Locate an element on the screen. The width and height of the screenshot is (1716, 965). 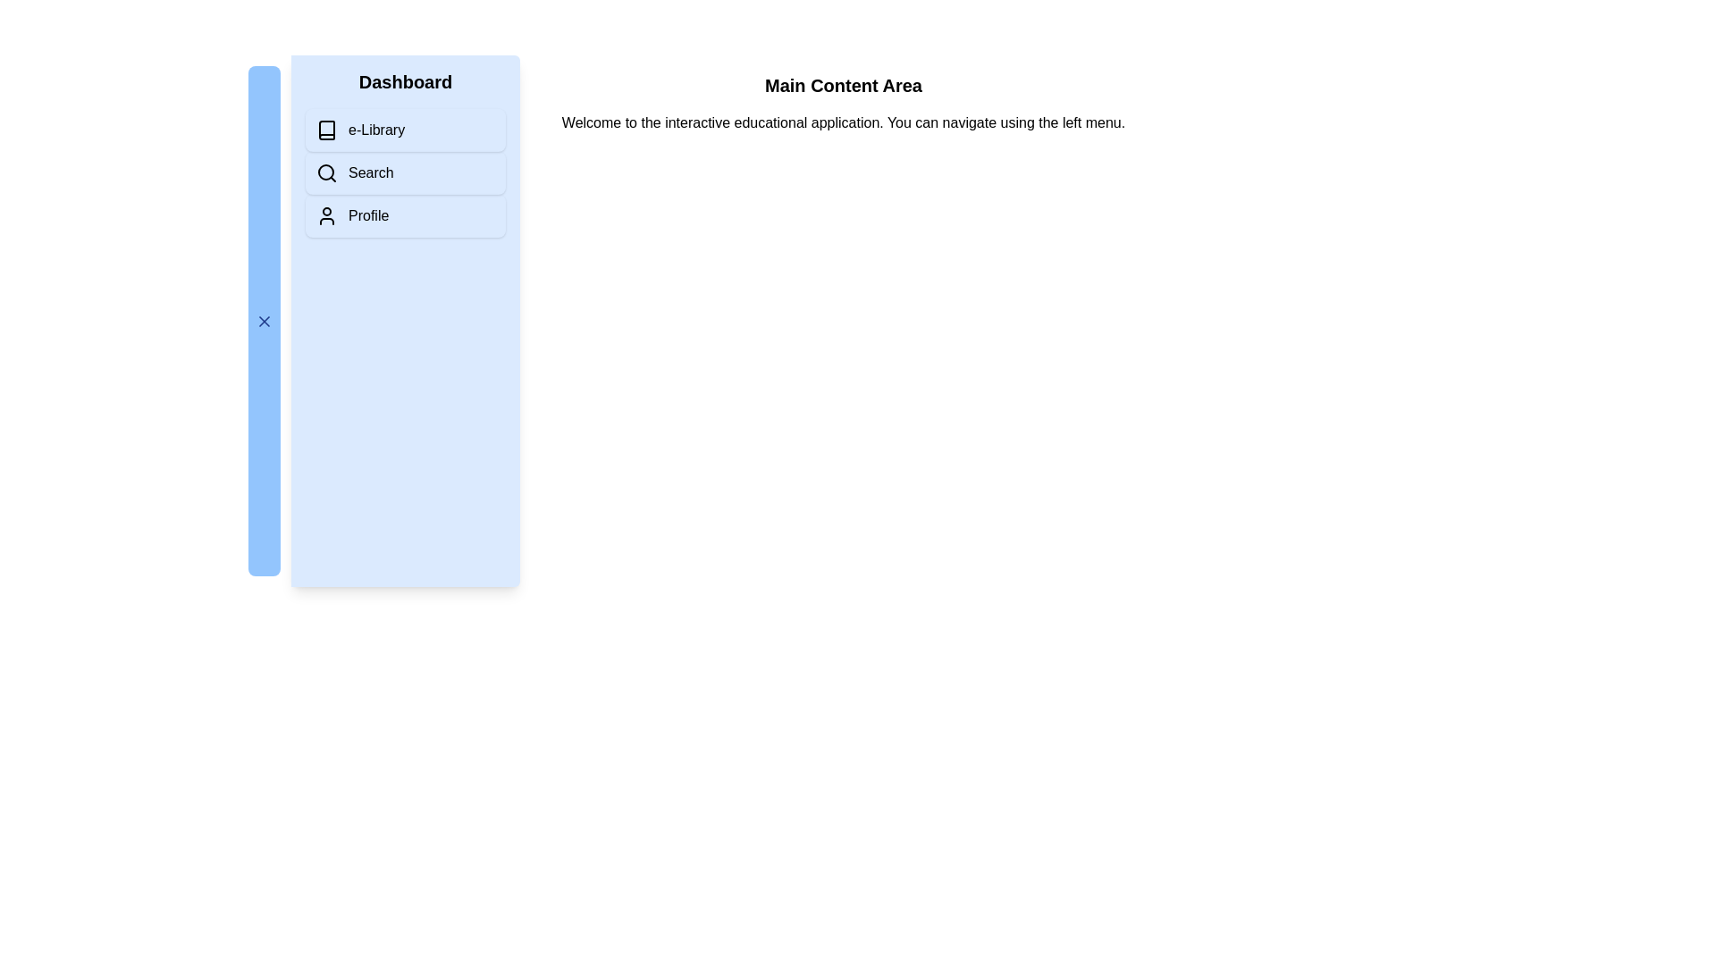
text label that serves as the identifier for the Search button, positioned between the e-Library and Profile buttons in the left sidebar is located at coordinates (370, 172).